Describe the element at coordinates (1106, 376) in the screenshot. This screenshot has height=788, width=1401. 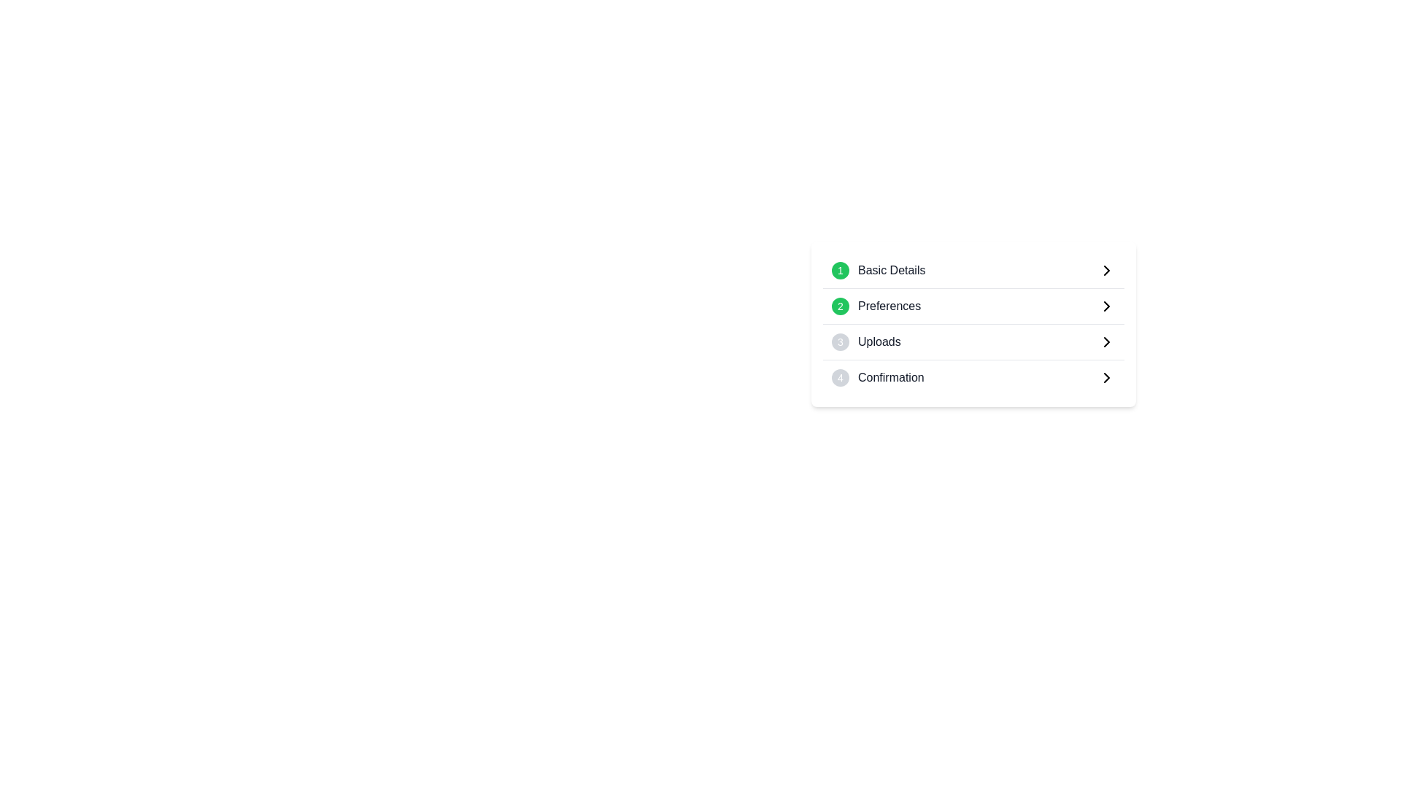
I see `the rightward chevron arrow icon that is part of the 'Preferences' row` at that location.